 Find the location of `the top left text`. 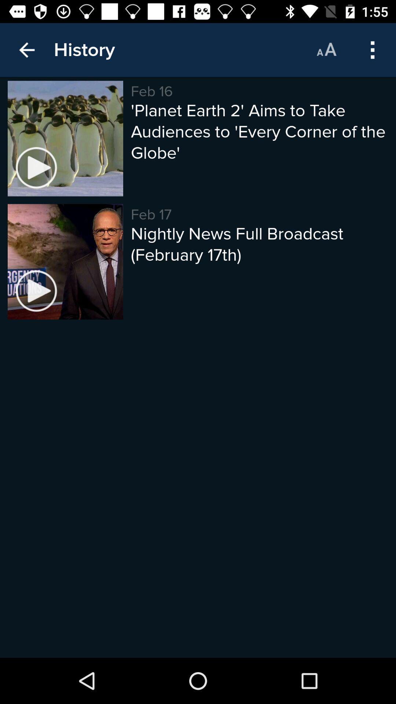

the top left text is located at coordinates (84, 49).